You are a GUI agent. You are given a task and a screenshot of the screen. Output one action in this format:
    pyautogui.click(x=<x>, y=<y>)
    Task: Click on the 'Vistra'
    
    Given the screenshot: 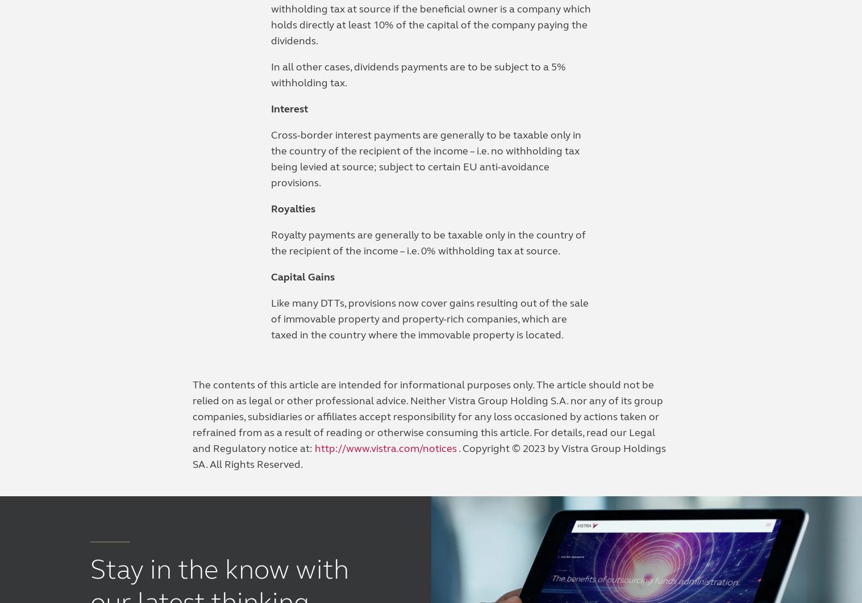 What is the action you would take?
    pyautogui.click(x=453, y=210)
    